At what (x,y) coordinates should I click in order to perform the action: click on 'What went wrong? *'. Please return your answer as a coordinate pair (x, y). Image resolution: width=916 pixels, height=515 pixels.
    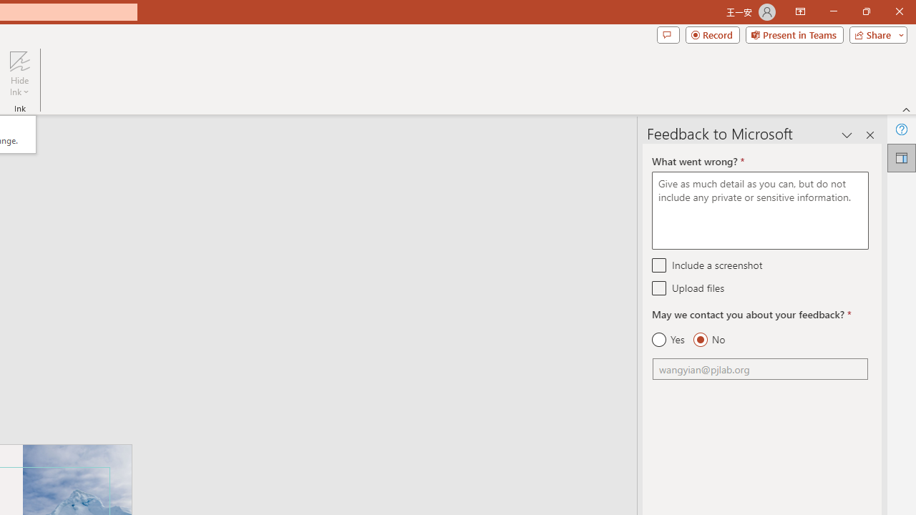
    Looking at the image, I should click on (759, 210).